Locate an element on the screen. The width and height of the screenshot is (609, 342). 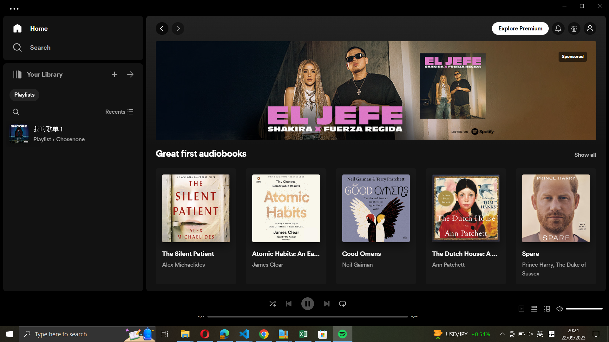
my account section is located at coordinates (590, 29).